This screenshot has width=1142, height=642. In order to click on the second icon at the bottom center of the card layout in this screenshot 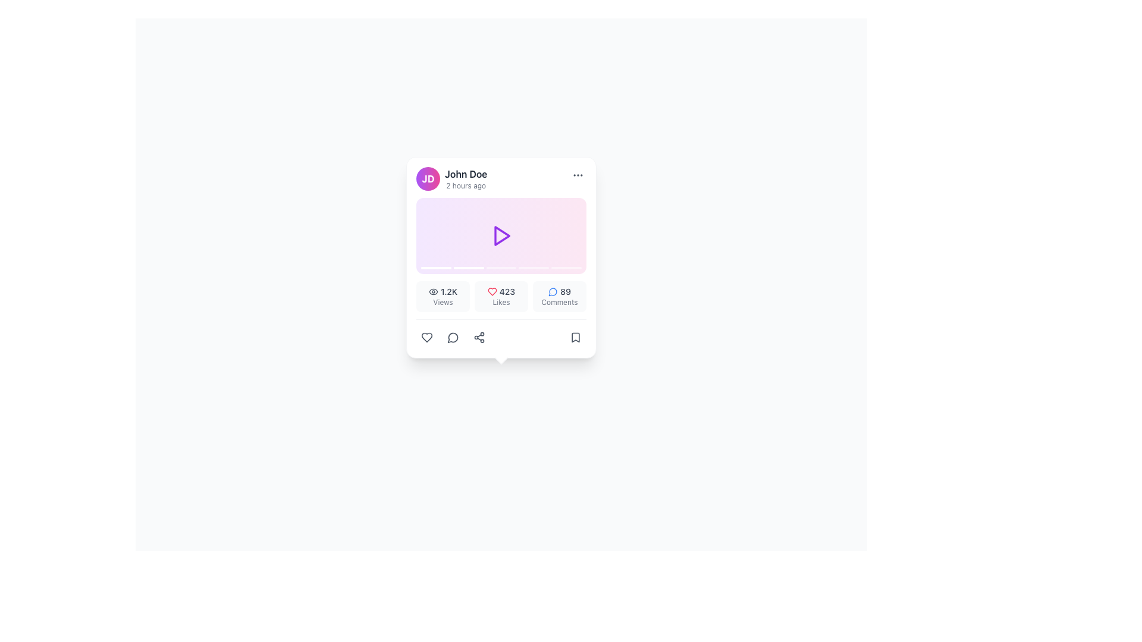, I will do `click(453, 337)`.